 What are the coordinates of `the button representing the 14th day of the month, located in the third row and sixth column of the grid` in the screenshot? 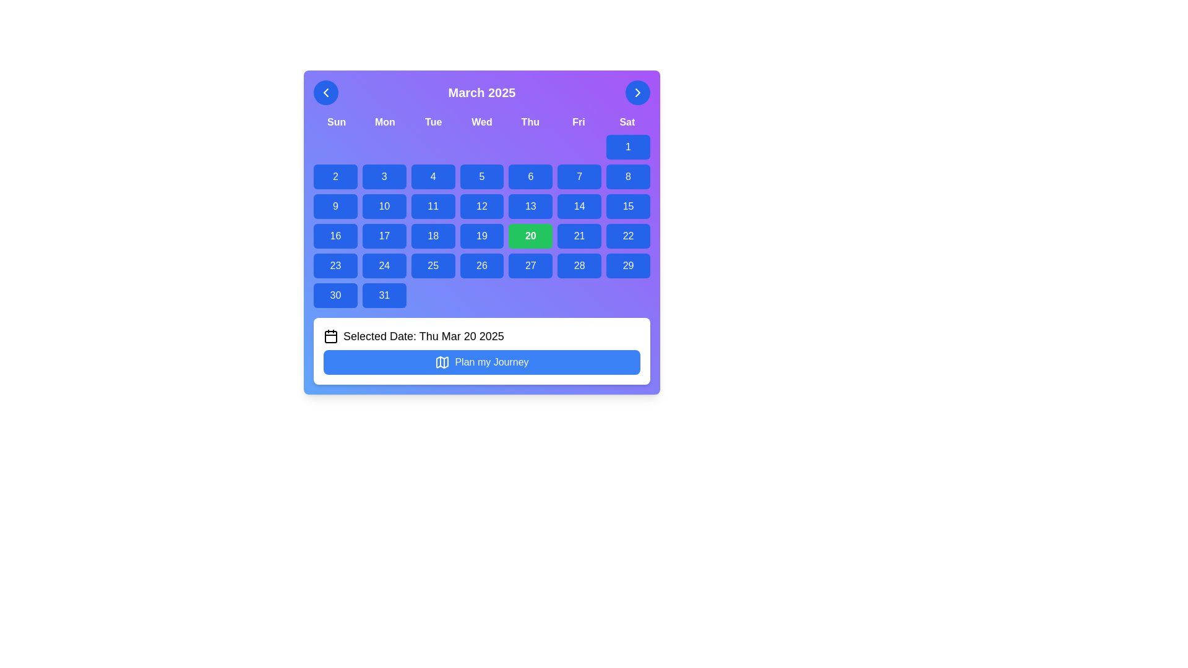 It's located at (579, 206).